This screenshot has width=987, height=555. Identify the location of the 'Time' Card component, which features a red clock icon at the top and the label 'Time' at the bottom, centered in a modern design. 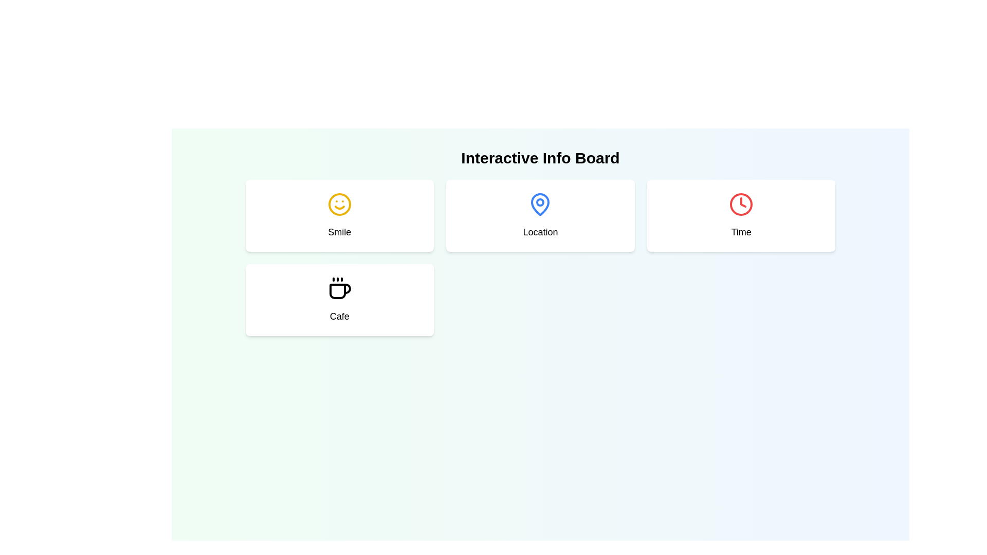
(741, 215).